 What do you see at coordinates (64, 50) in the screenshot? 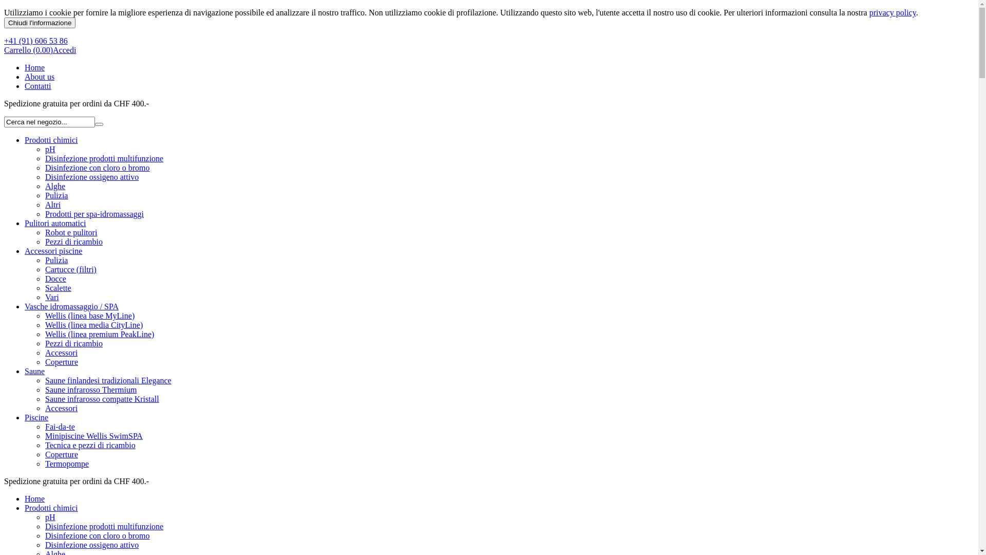
I see `'Accedi'` at bounding box center [64, 50].